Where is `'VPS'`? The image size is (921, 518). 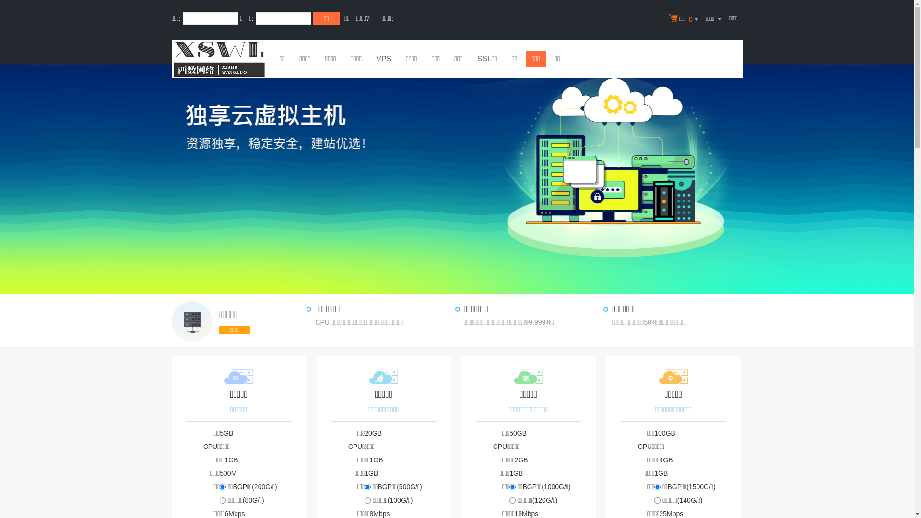
'VPS' is located at coordinates (384, 59).